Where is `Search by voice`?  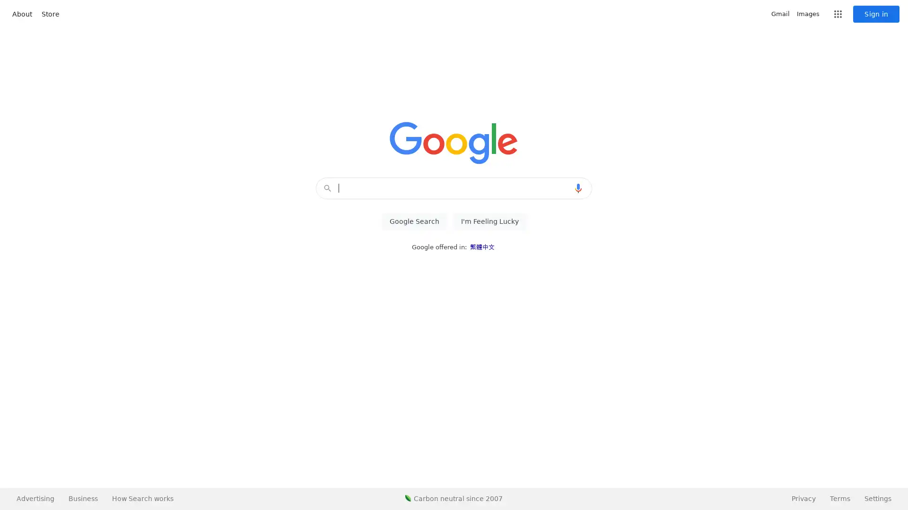
Search by voice is located at coordinates (578, 188).